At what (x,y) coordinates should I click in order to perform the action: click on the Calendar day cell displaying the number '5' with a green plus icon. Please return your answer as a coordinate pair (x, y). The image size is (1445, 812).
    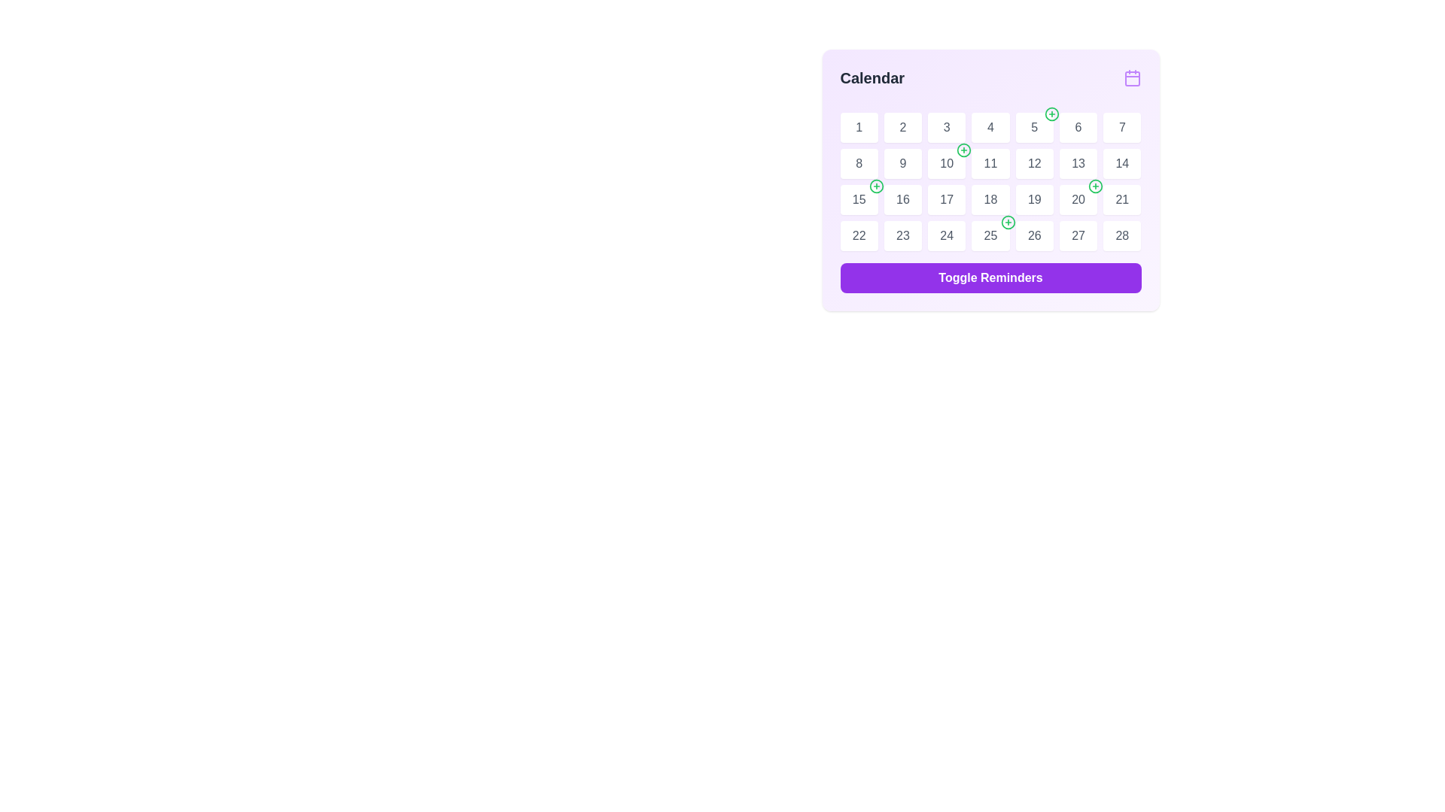
    Looking at the image, I should click on (1033, 126).